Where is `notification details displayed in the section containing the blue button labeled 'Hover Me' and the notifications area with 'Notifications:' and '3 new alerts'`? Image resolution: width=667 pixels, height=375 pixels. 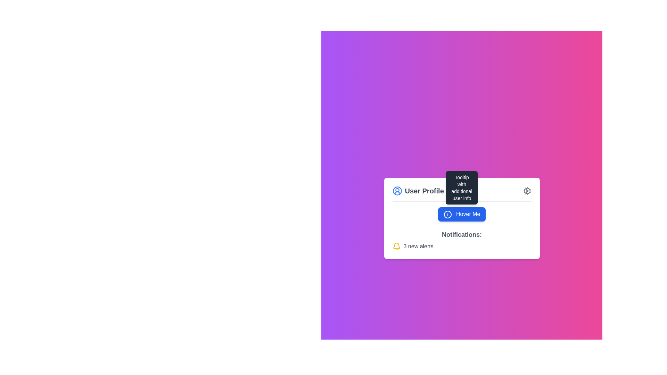
notification details displayed in the section containing the blue button labeled 'Hover Me' and the notifications area with 'Notifications:' and '3 new alerts' is located at coordinates (462, 229).